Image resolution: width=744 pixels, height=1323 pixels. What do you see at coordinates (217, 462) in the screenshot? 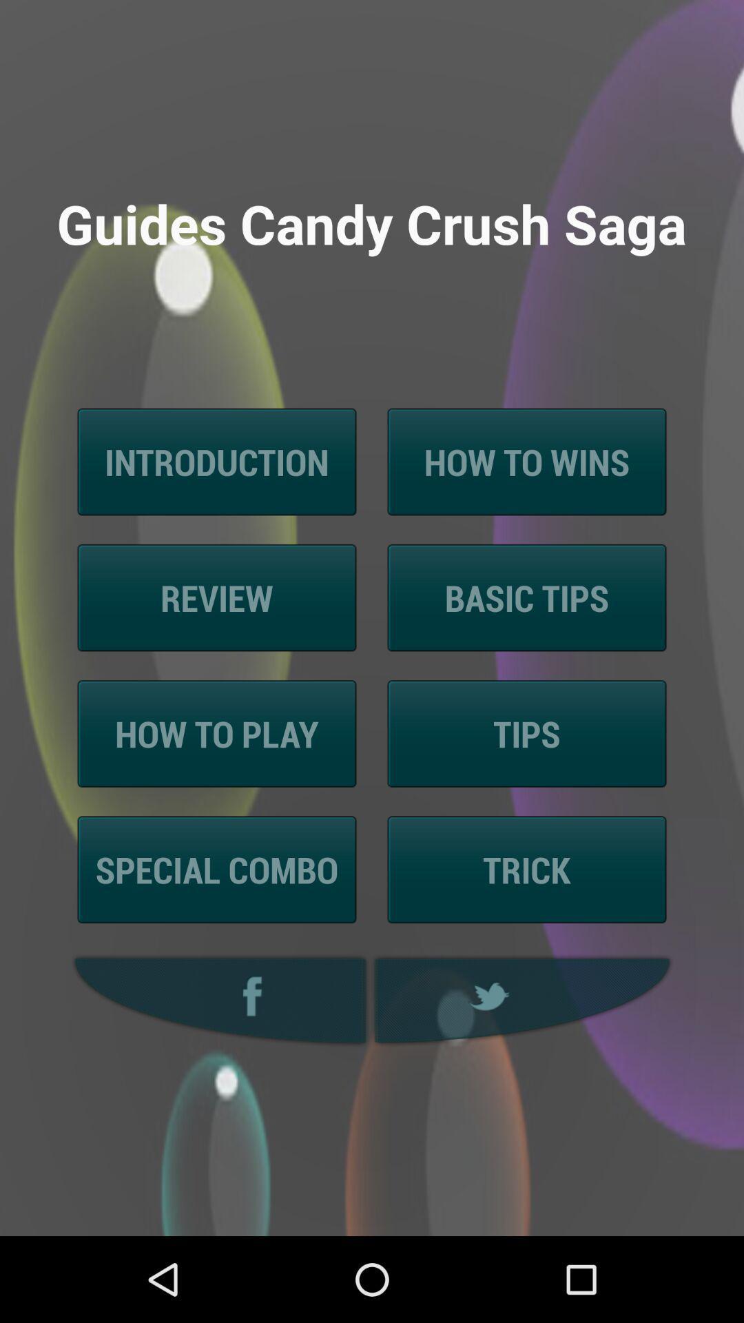
I see `icon to the left of the how to wins item` at bounding box center [217, 462].